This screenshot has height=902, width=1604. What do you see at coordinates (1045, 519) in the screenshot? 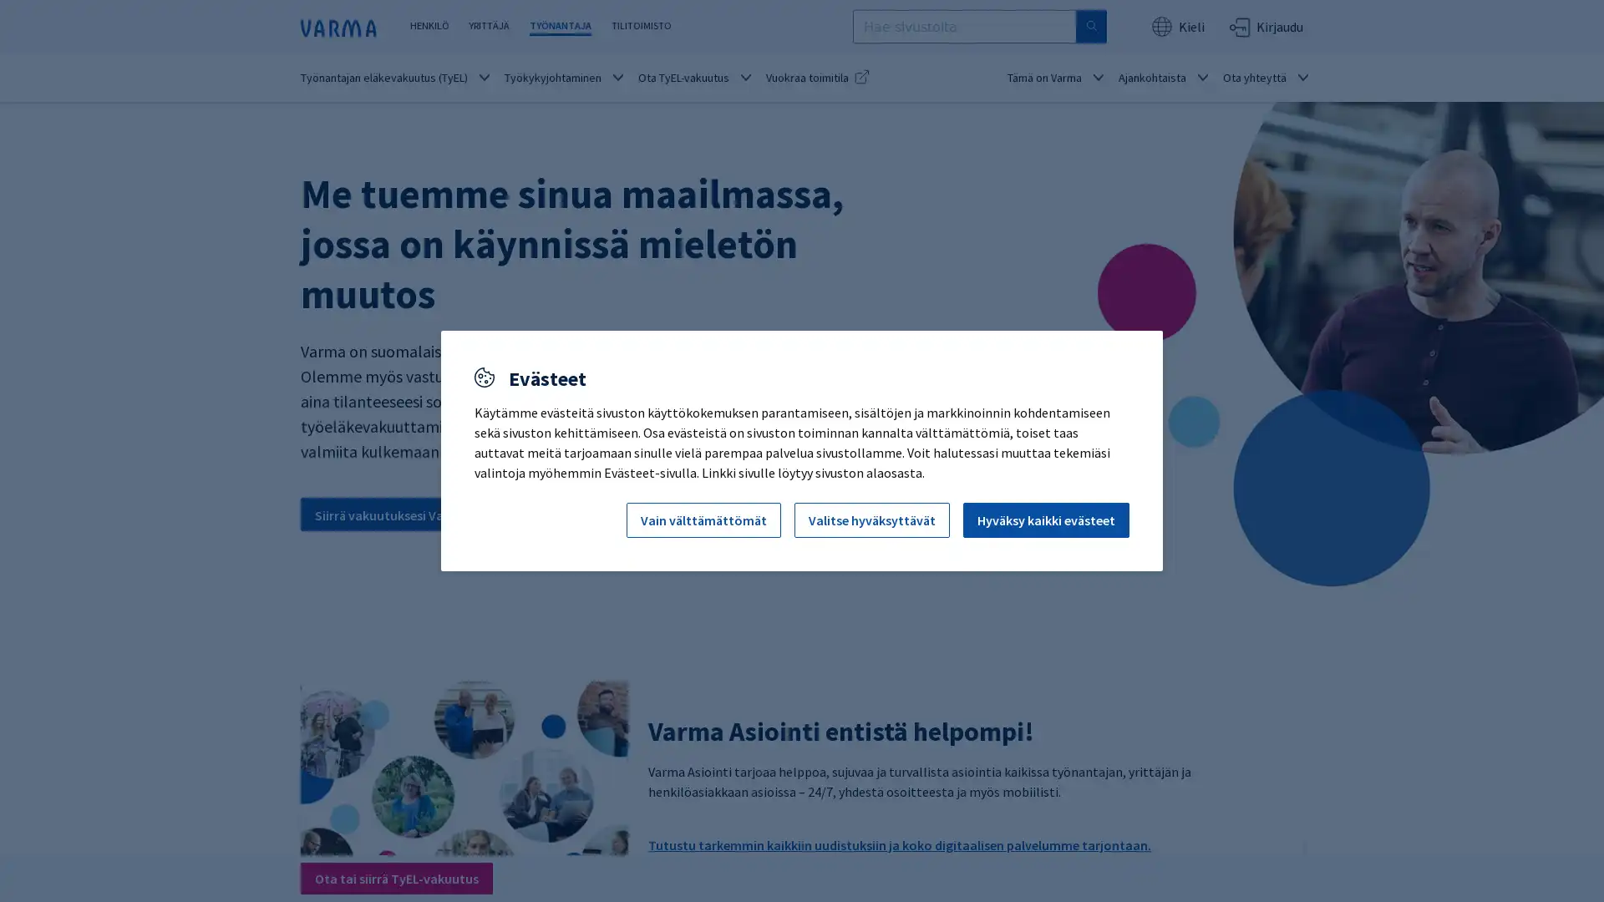
I see `Hyvaksy kaikki evasteet` at bounding box center [1045, 519].